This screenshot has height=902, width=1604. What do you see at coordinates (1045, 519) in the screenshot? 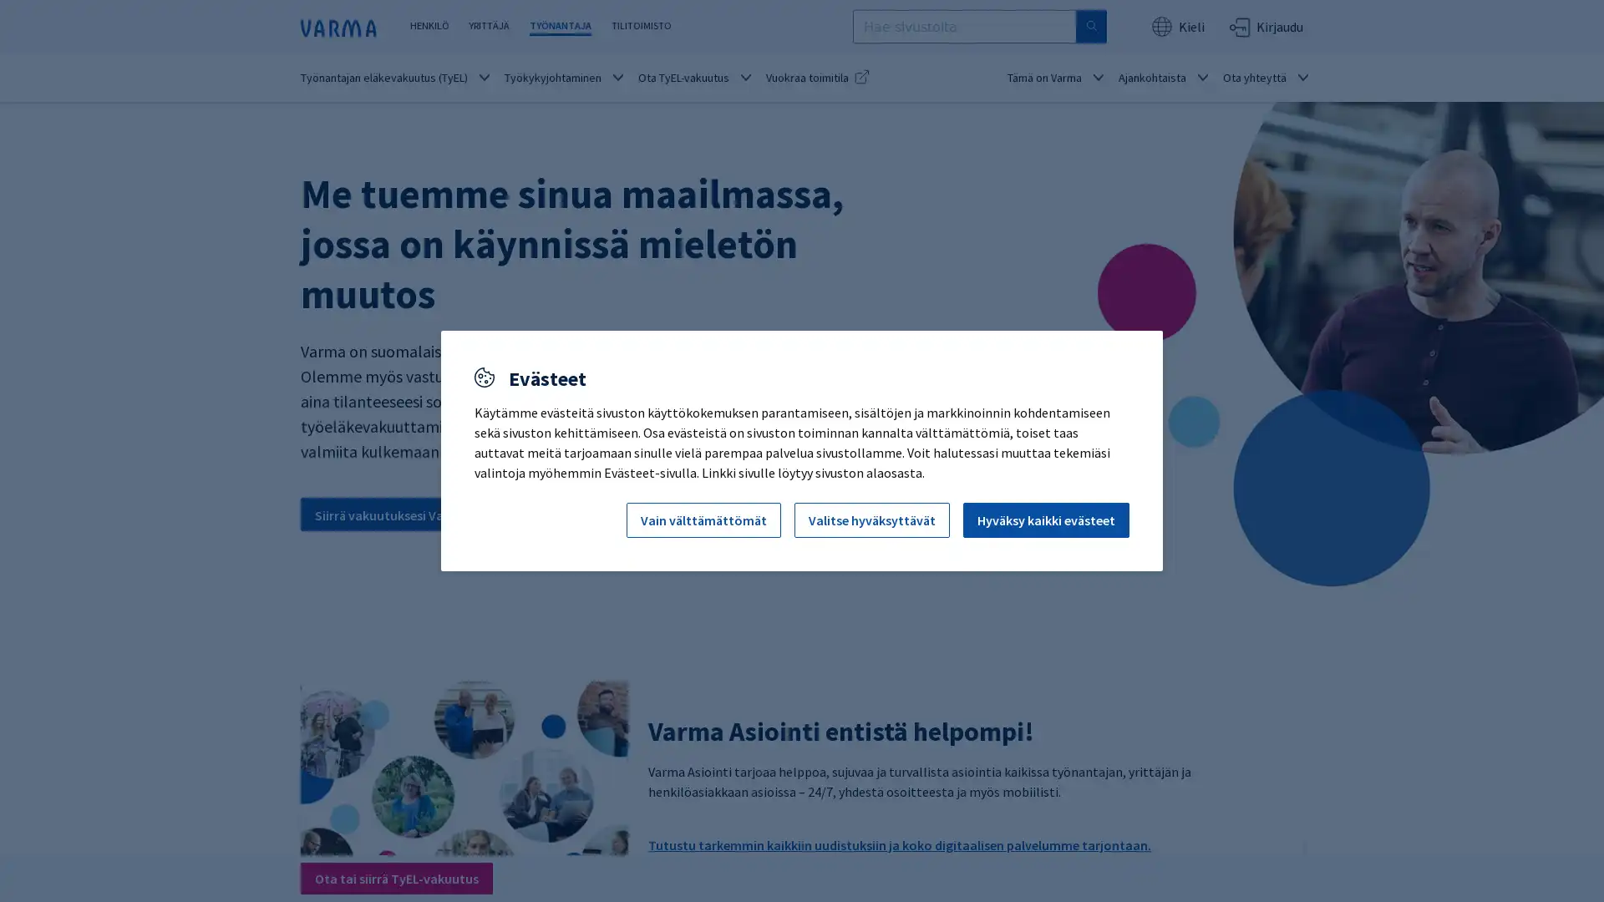
I see `Hyvaksy kaikki evasteet` at bounding box center [1045, 519].